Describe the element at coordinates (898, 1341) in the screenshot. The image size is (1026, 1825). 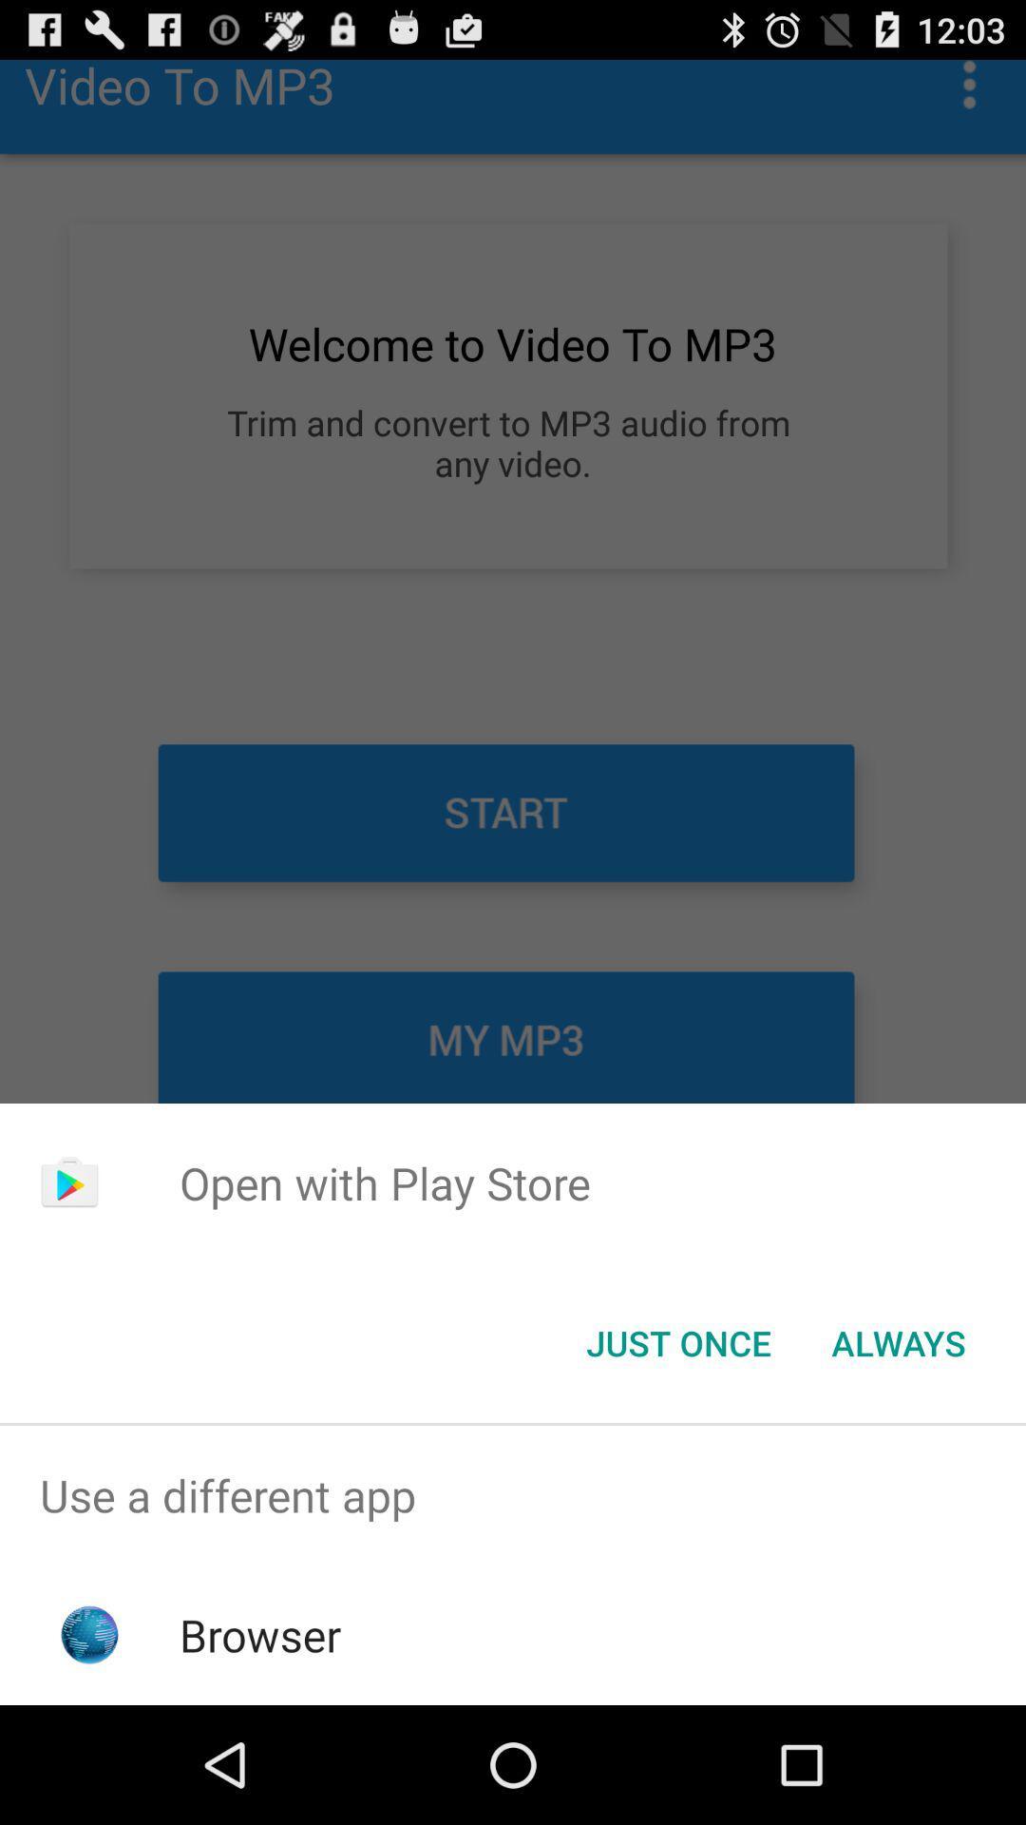
I see `the icon next to the just once` at that location.